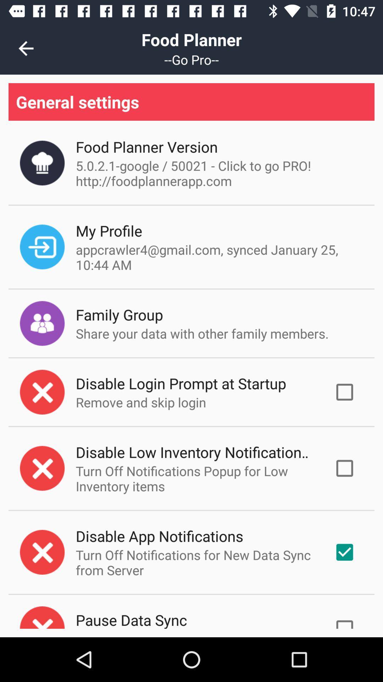  What do you see at coordinates (217, 257) in the screenshot?
I see `item below my profile` at bounding box center [217, 257].